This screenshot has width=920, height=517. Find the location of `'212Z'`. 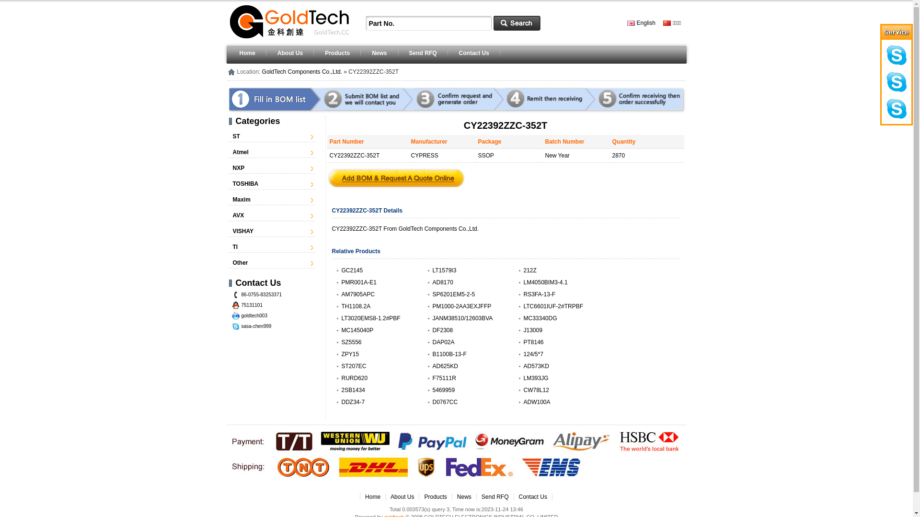

'212Z' is located at coordinates (529, 270).